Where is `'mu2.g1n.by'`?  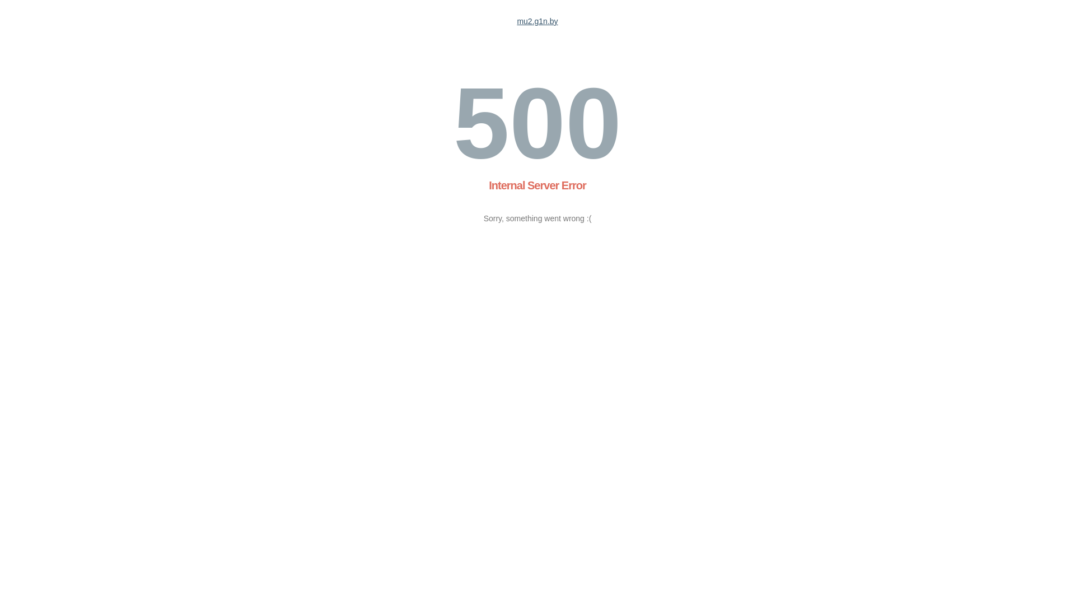 'mu2.g1n.by' is located at coordinates (536, 21).